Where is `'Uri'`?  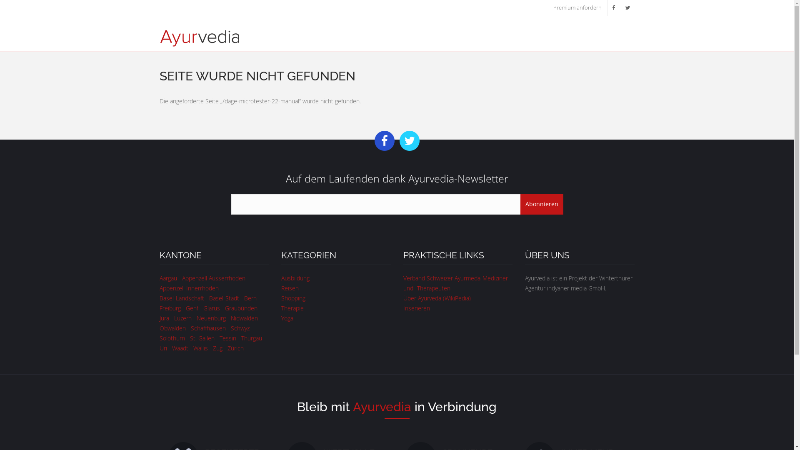
'Uri' is located at coordinates (162, 348).